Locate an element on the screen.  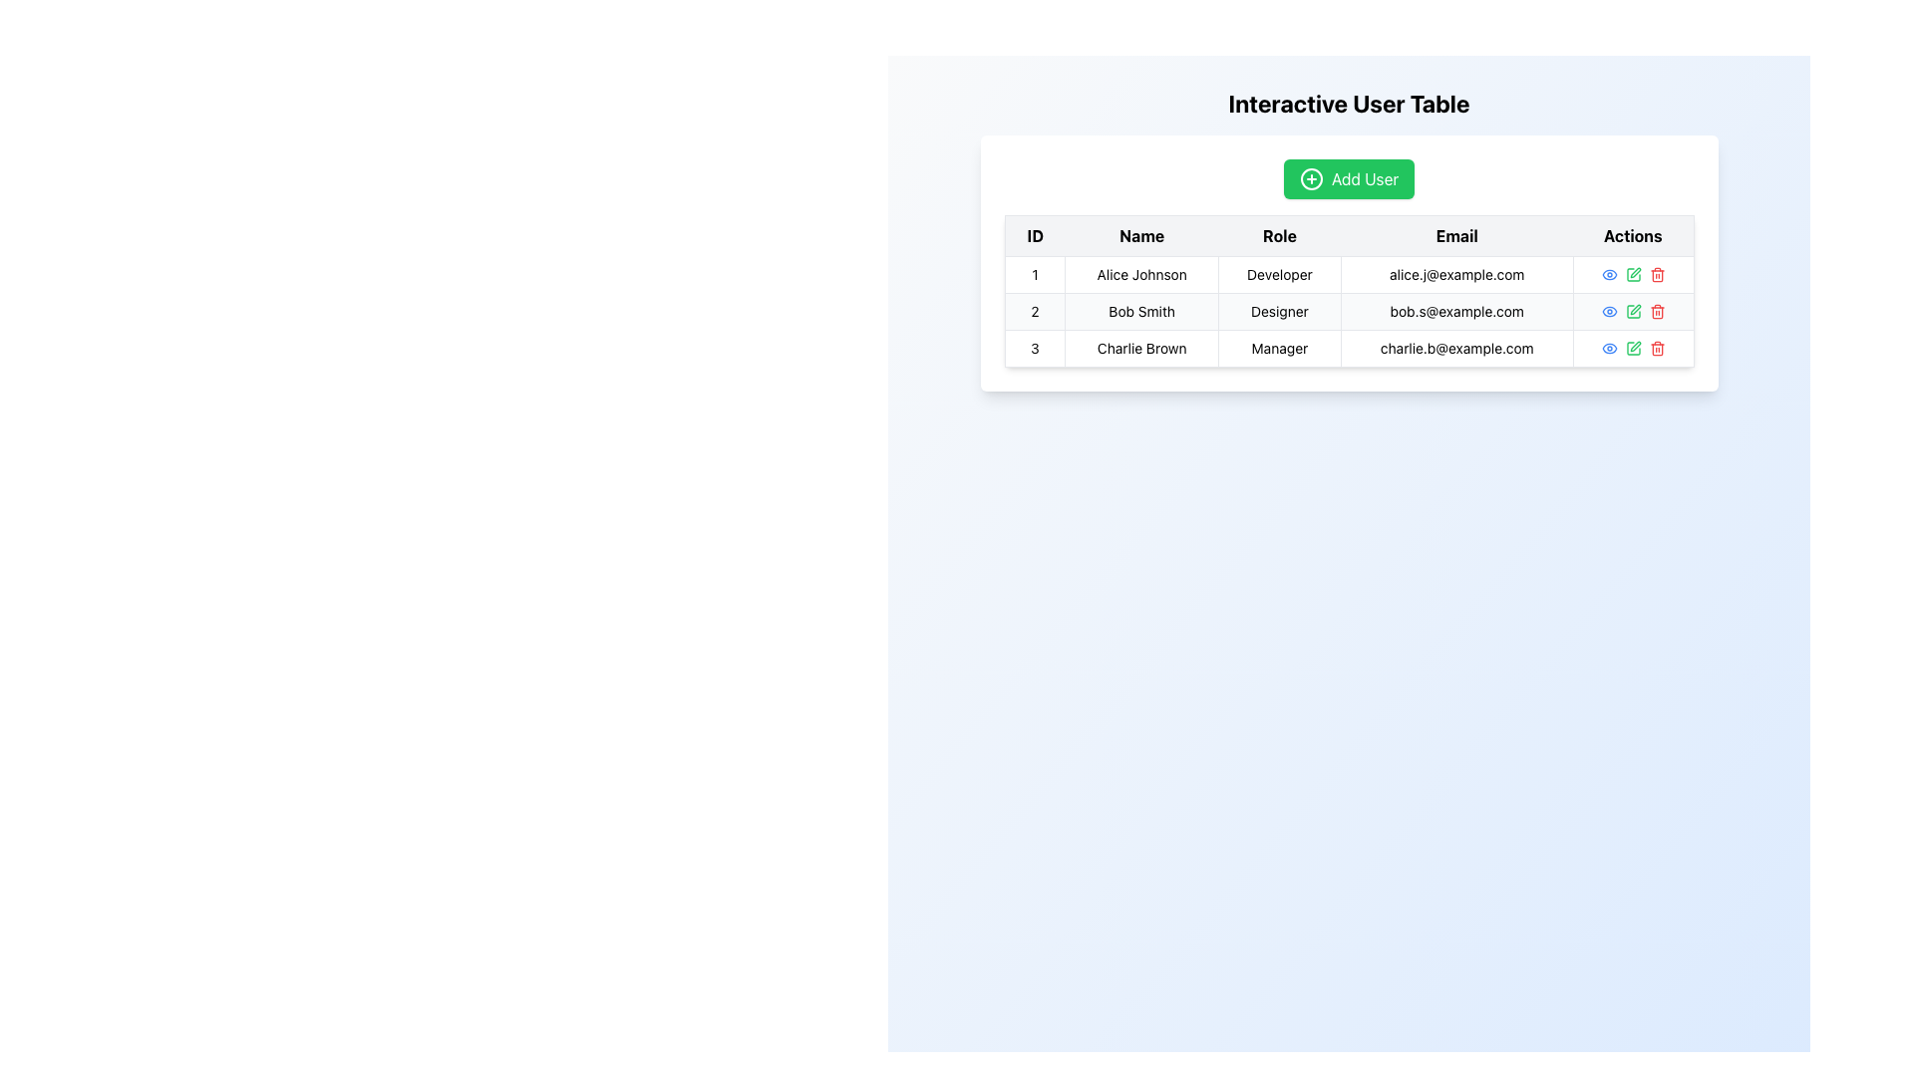
the text element displaying 'Developer' located in the 'Role' column of the table, which is the third column in the first row under the header labeled 'Role' is located at coordinates (1279, 275).